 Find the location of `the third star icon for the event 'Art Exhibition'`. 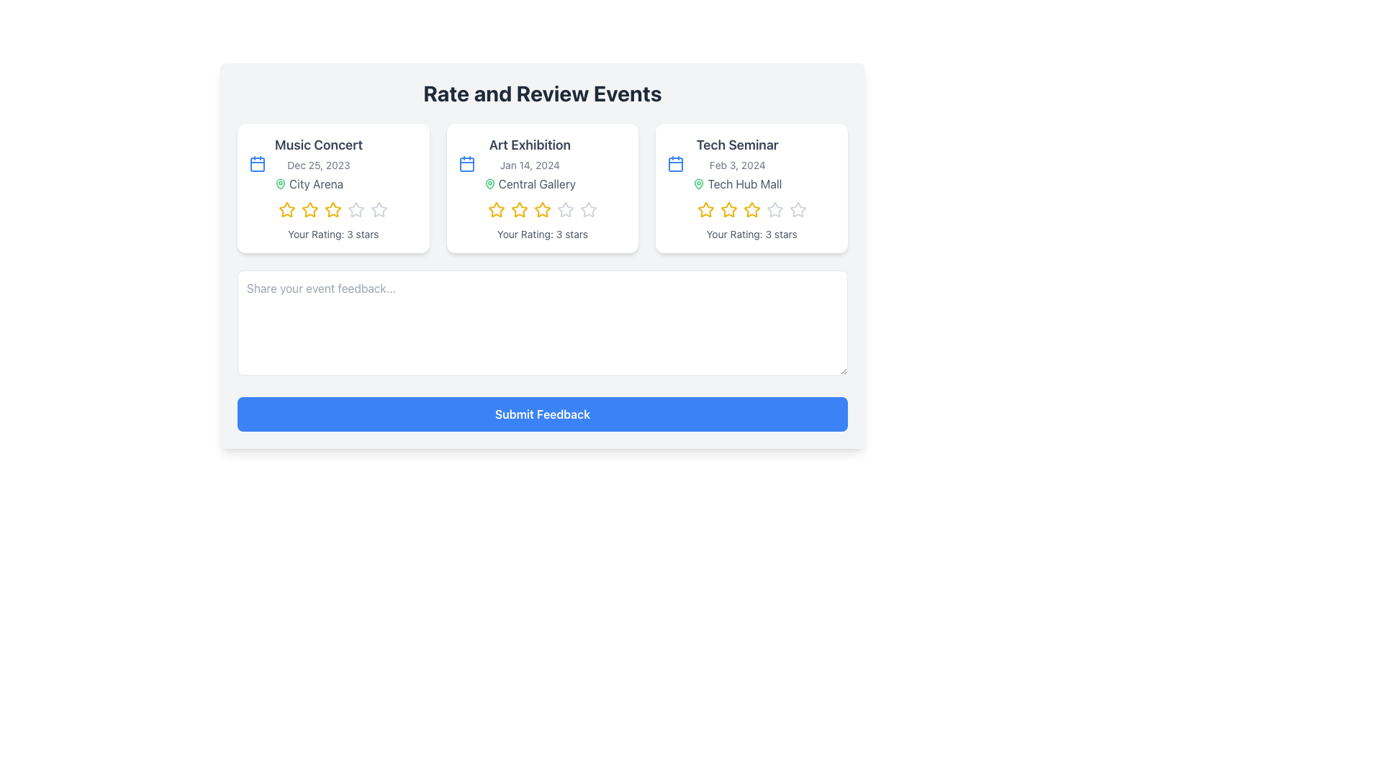

the third star icon for the event 'Art Exhibition' is located at coordinates (541, 209).